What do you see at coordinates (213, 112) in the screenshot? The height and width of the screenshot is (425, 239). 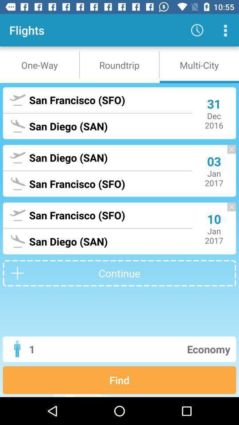 I see `the 31` at bounding box center [213, 112].